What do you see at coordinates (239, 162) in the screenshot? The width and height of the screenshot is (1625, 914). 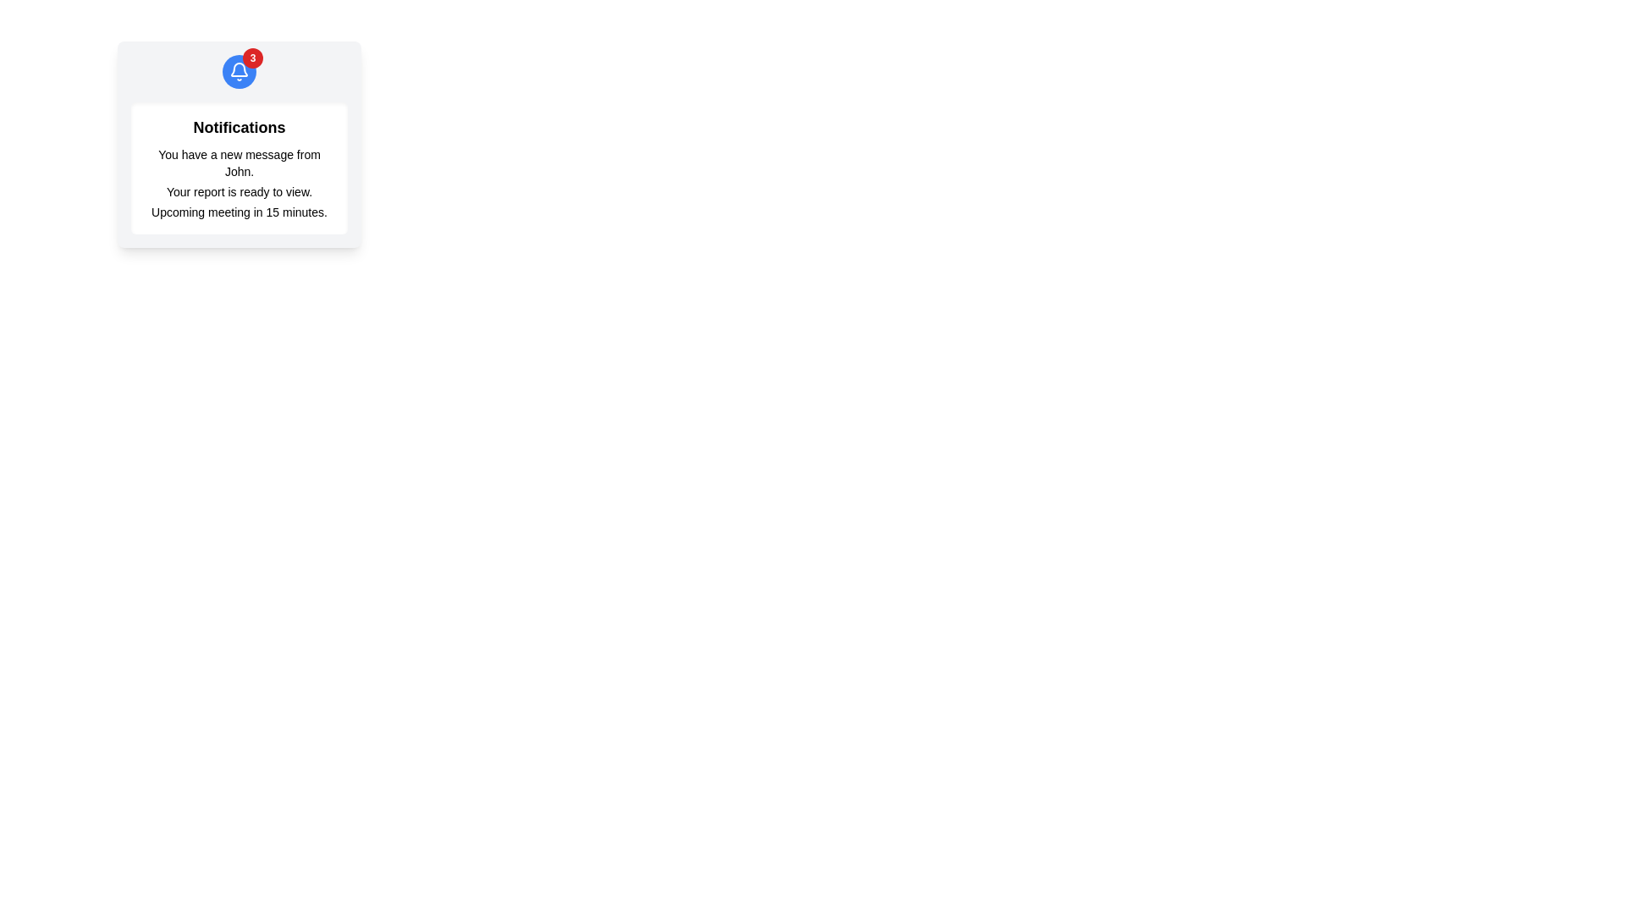 I see `static text display that says 'You have a new message from John.' located in the notifications card under the title 'Notifications'` at bounding box center [239, 162].